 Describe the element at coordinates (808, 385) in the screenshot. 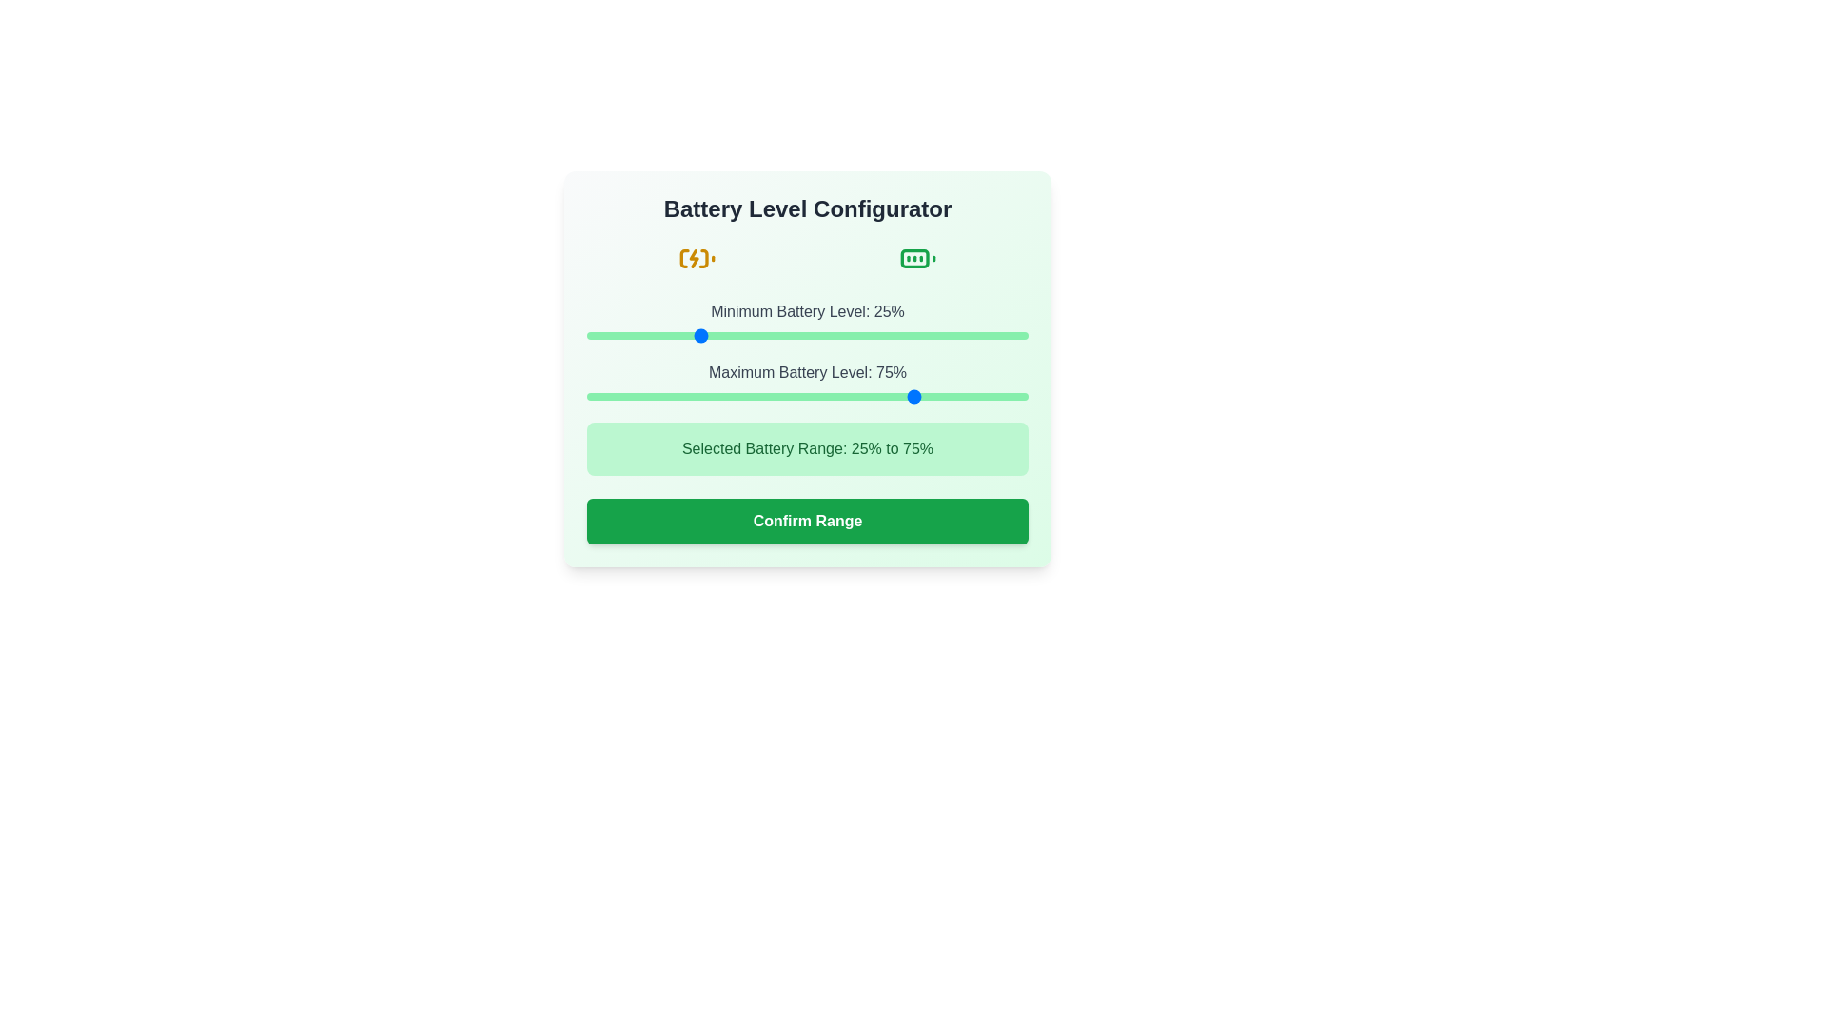

I see `the green range slider track labeled 'Maximum Battery Level: 75%' to set the battery level configuration` at that location.